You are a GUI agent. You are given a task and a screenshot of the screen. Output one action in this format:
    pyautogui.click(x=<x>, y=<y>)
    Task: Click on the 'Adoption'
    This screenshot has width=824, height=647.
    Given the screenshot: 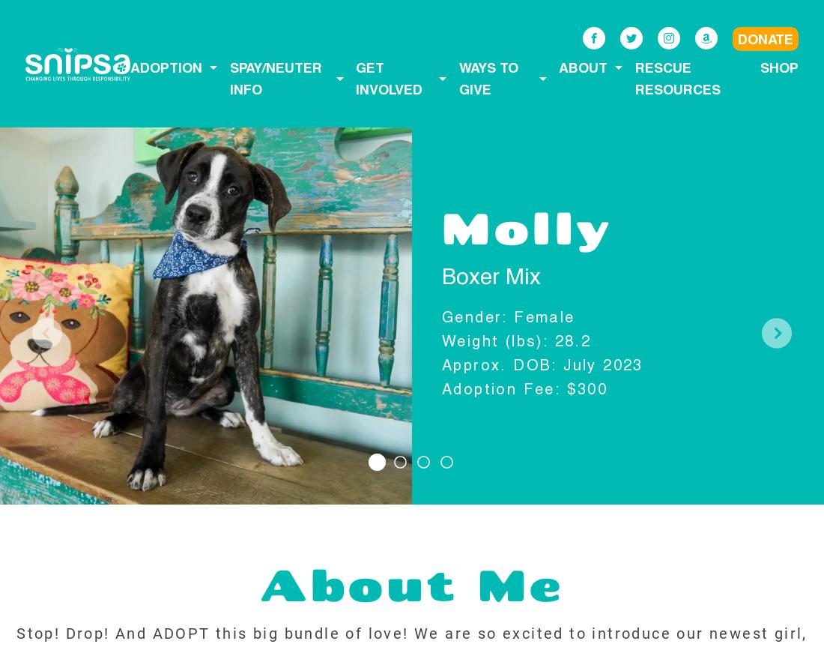 What is the action you would take?
    pyautogui.click(x=166, y=67)
    